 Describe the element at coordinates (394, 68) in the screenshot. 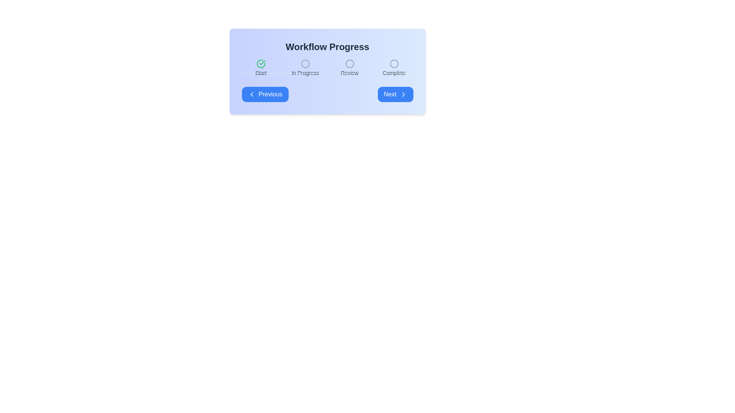

I see `the 'Complete' stage marker in the workflow progress, which is the fourth and rightmost step in the list` at that location.